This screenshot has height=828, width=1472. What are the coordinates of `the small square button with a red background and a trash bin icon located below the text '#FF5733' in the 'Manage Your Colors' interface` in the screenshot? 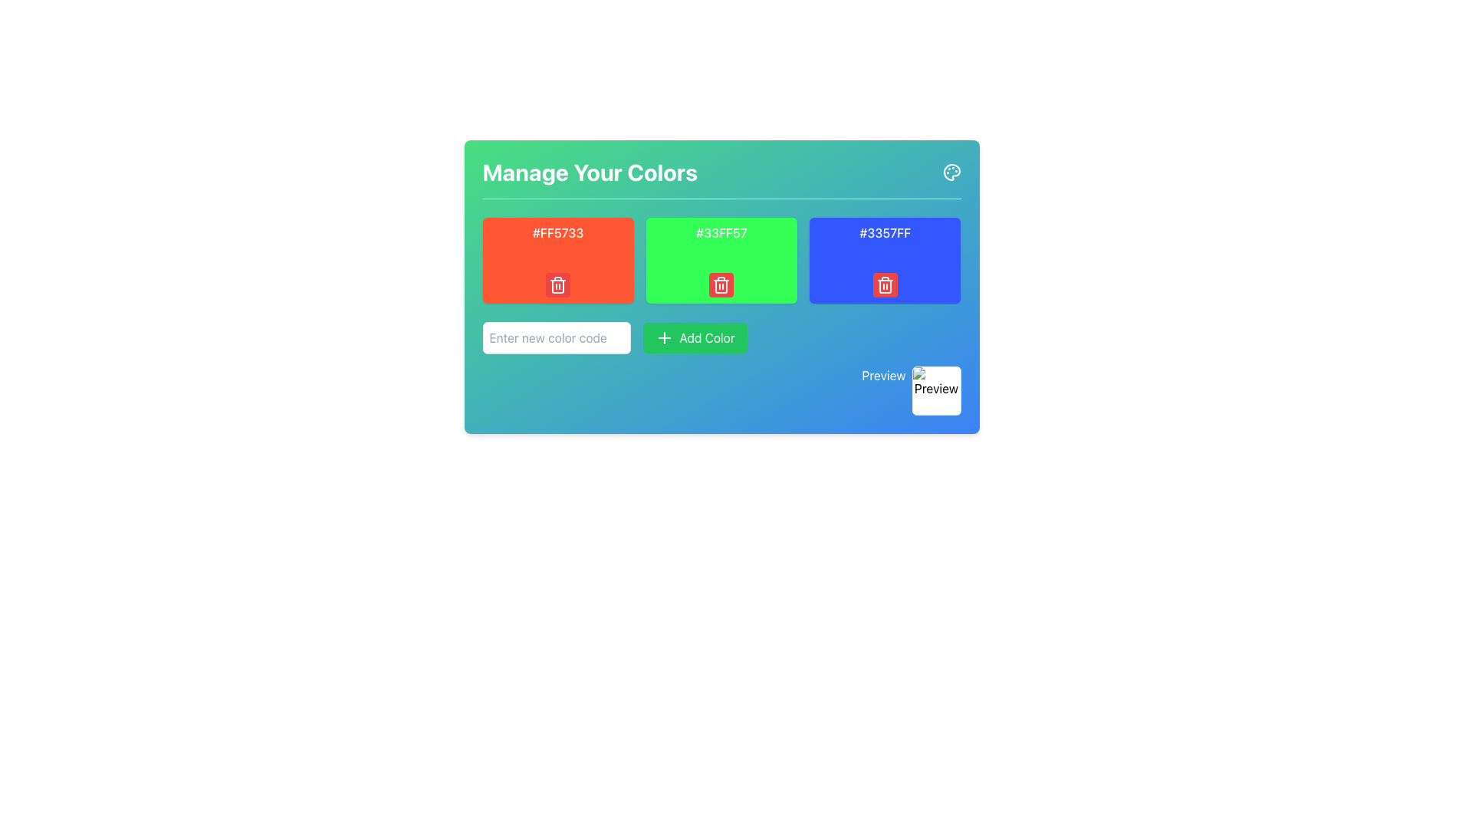 It's located at (557, 284).